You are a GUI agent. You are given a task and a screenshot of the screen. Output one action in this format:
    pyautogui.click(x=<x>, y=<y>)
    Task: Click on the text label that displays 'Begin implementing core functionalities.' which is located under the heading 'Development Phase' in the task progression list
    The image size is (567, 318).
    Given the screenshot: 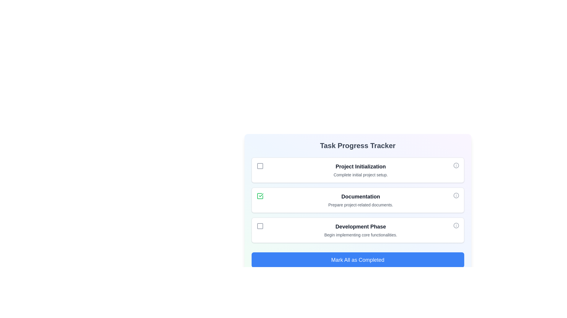 What is the action you would take?
    pyautogui.click(x=360, y=235)
    